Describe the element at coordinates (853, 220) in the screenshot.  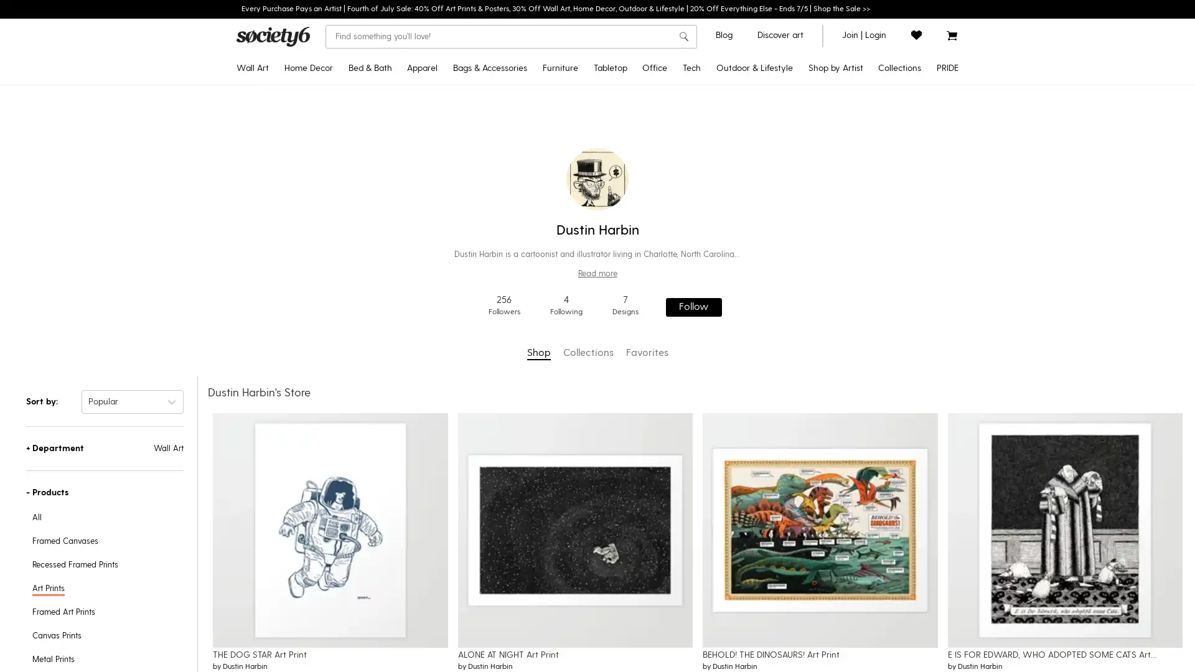
I see `Pantone Color of 2022` at that location.